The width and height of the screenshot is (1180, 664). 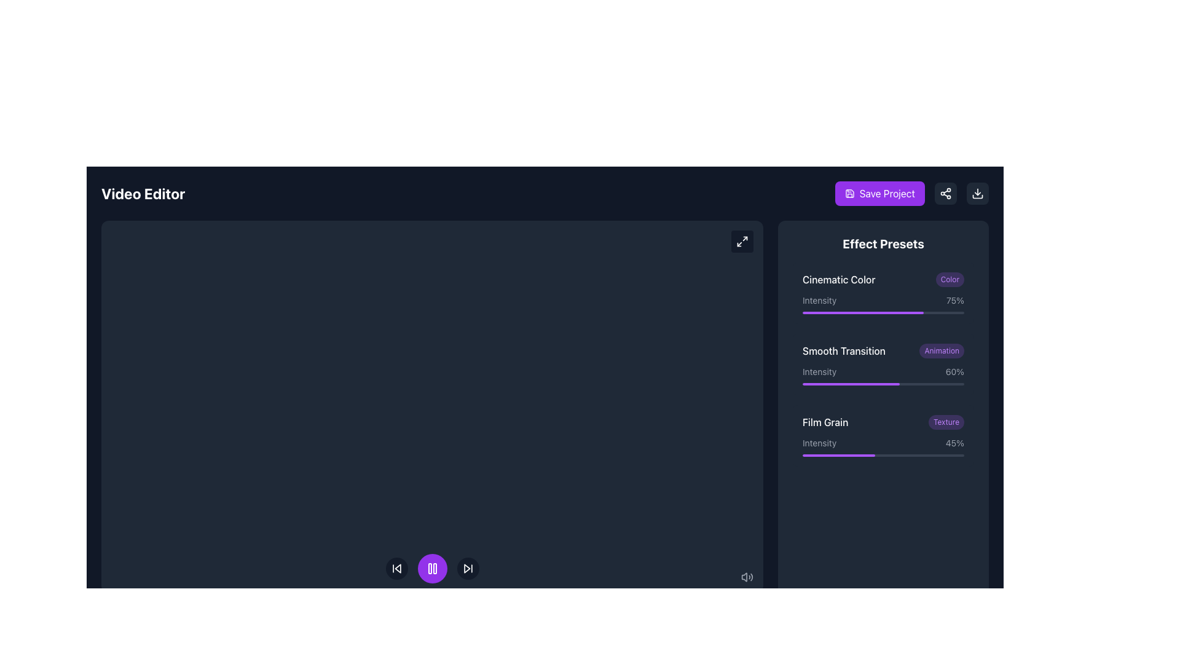 What do you see at coordinates (941, 350) in the screenshot?
I see `the label with a rounded purple background containing the text 'Animation', positioned to the right of 'Smooth Transition'` at bounding box center [941, 350].